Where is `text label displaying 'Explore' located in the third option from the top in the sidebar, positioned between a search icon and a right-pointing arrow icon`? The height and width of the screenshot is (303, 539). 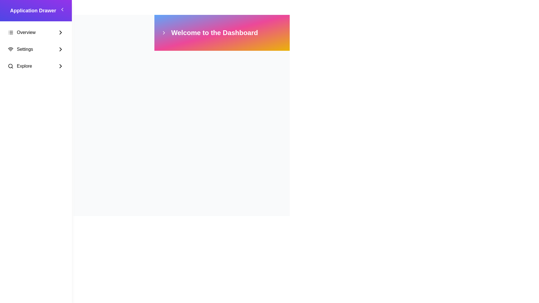 text label displaying 'Explore' located in the third option from the top in the sidebar, positioned between a search icon and a right-pointing arrow icon is located at coordinates (24, 66).